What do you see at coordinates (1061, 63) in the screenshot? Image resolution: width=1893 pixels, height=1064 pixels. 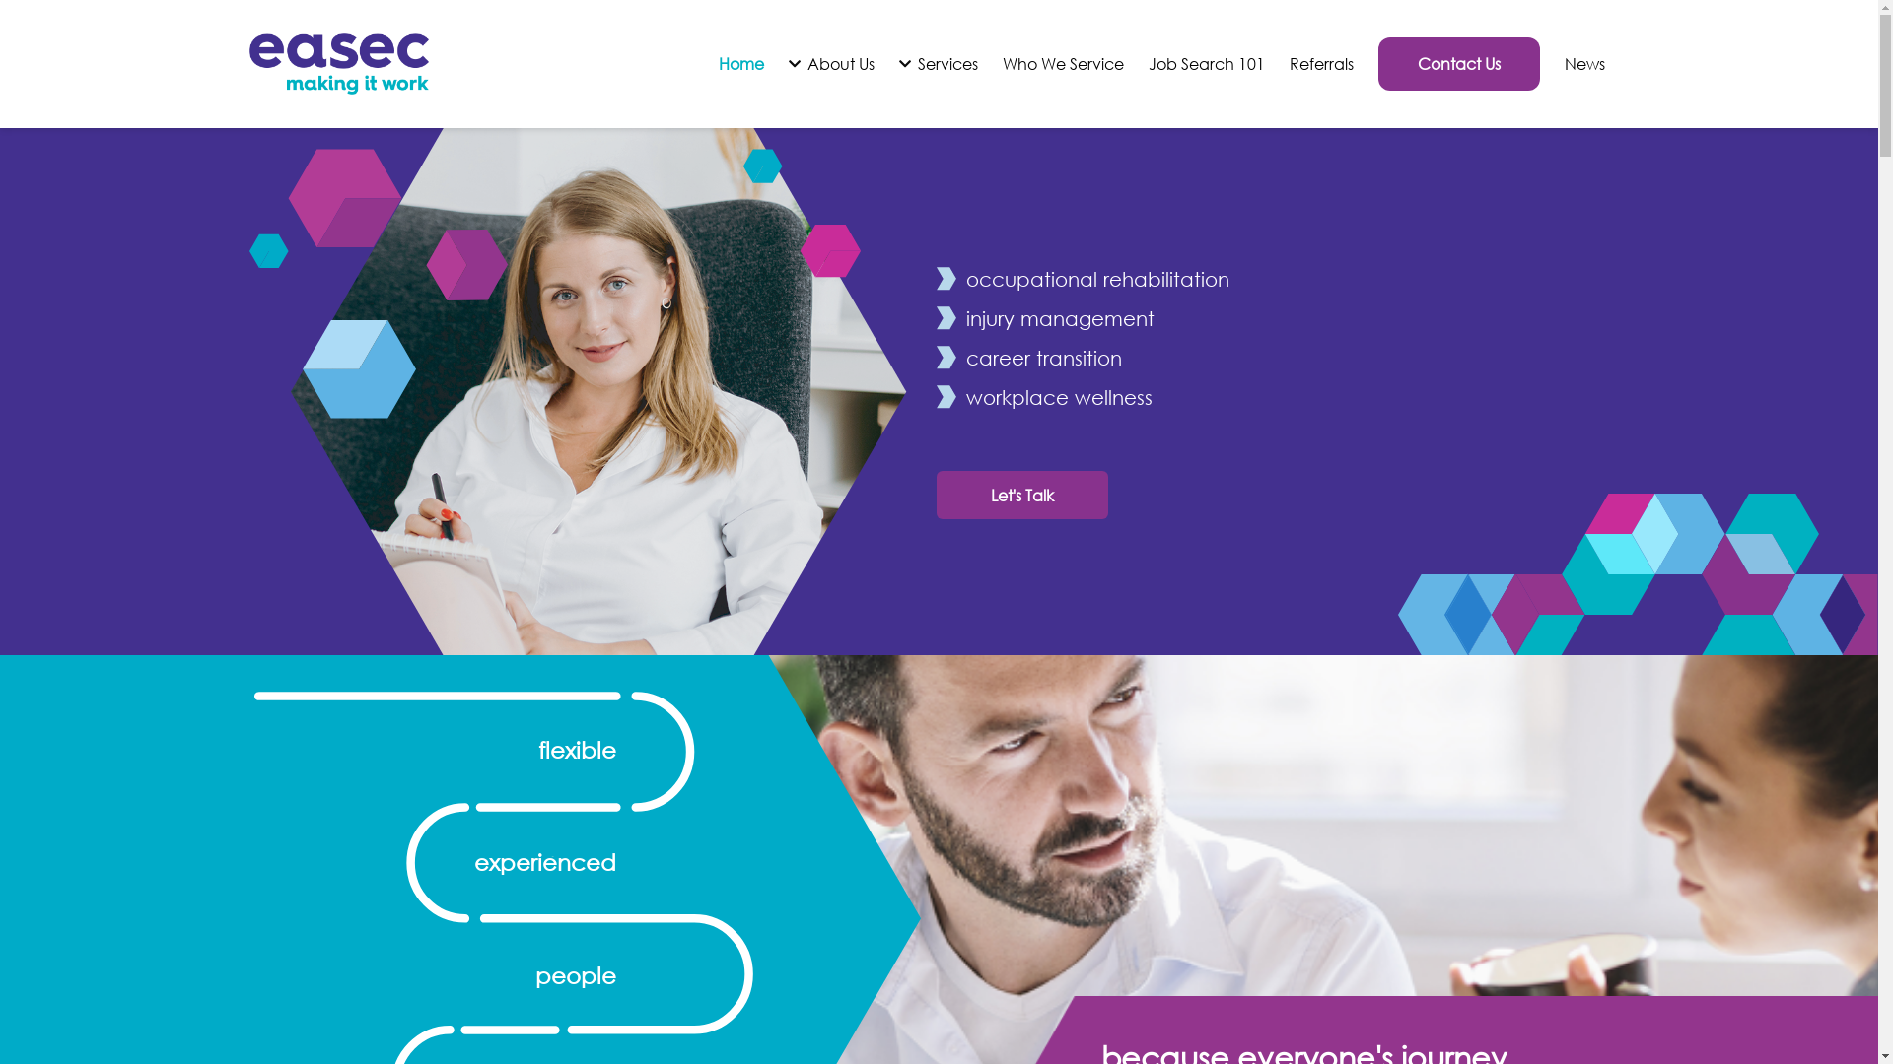 I see `'Who We Service'` at bounding box center [1061, 63].